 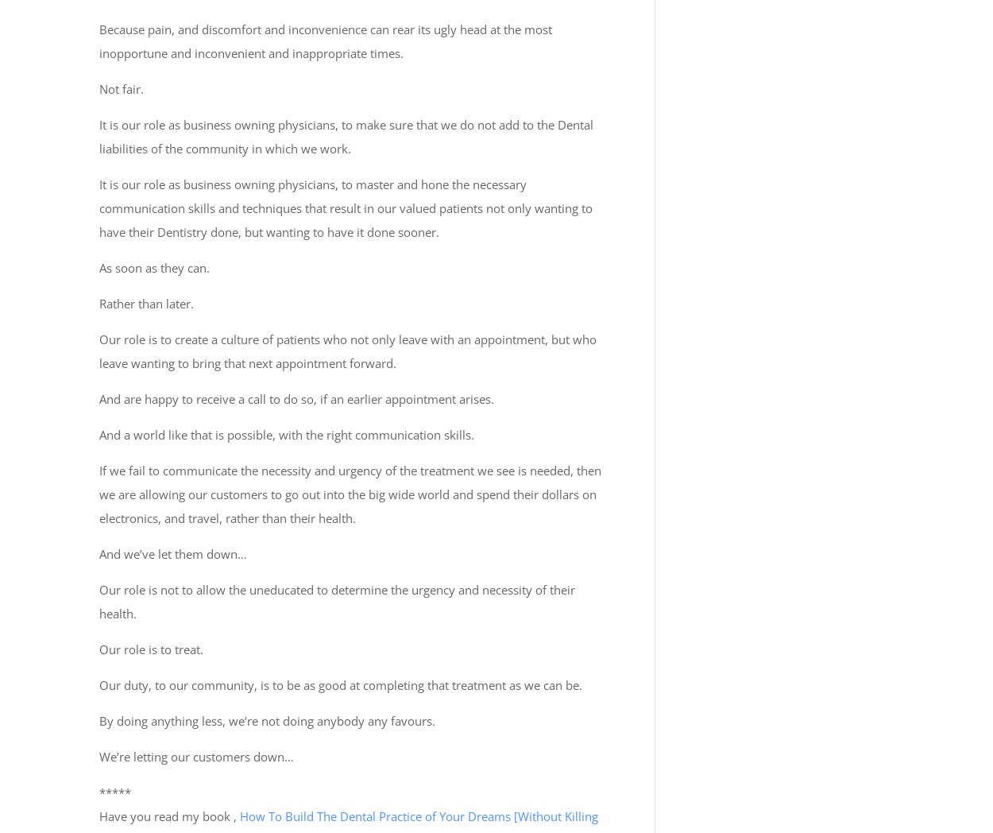 I want to click on 'Our role is not to allow the uneducated to determine the urgency and necessity of their health.', so click(x=337, y=601).